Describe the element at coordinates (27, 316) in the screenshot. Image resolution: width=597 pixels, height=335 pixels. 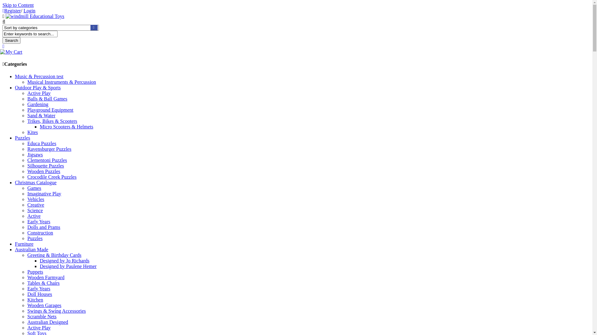
I see `'Scramble Nets'` at that location.